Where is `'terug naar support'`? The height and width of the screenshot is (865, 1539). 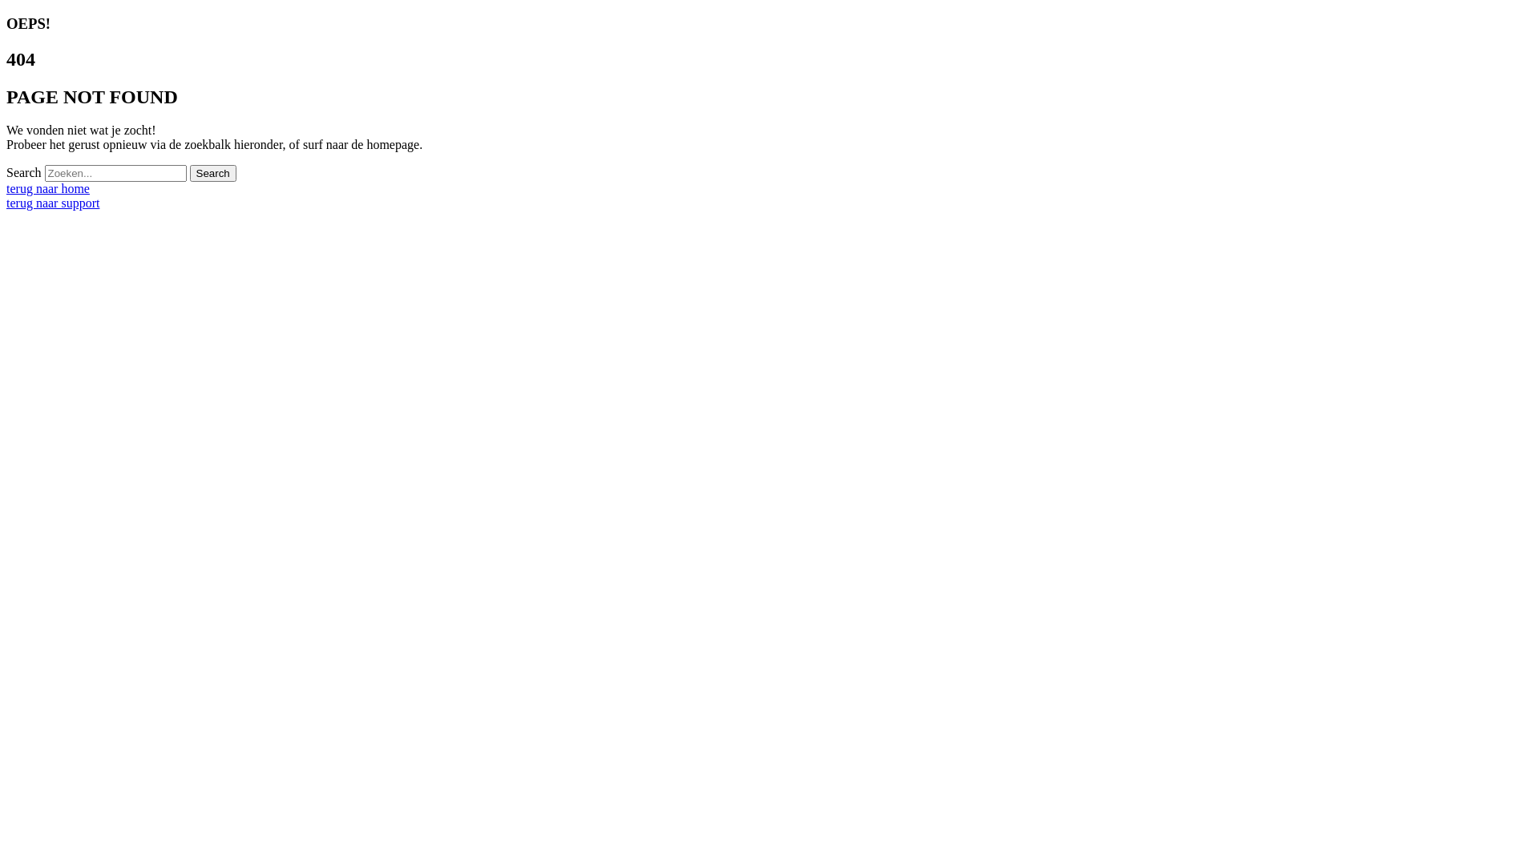 'terug naar support' is located at coordinates (53, 202).